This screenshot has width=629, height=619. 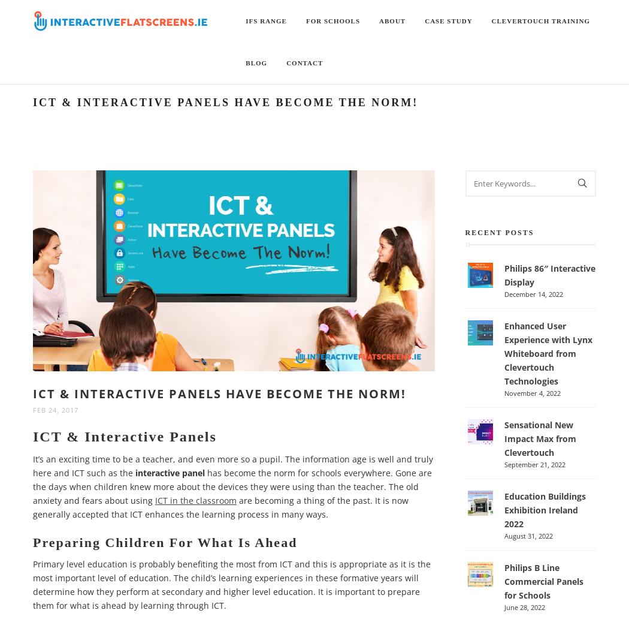 I want to click on 'August 31, 2022', so click(x=527, y=536).